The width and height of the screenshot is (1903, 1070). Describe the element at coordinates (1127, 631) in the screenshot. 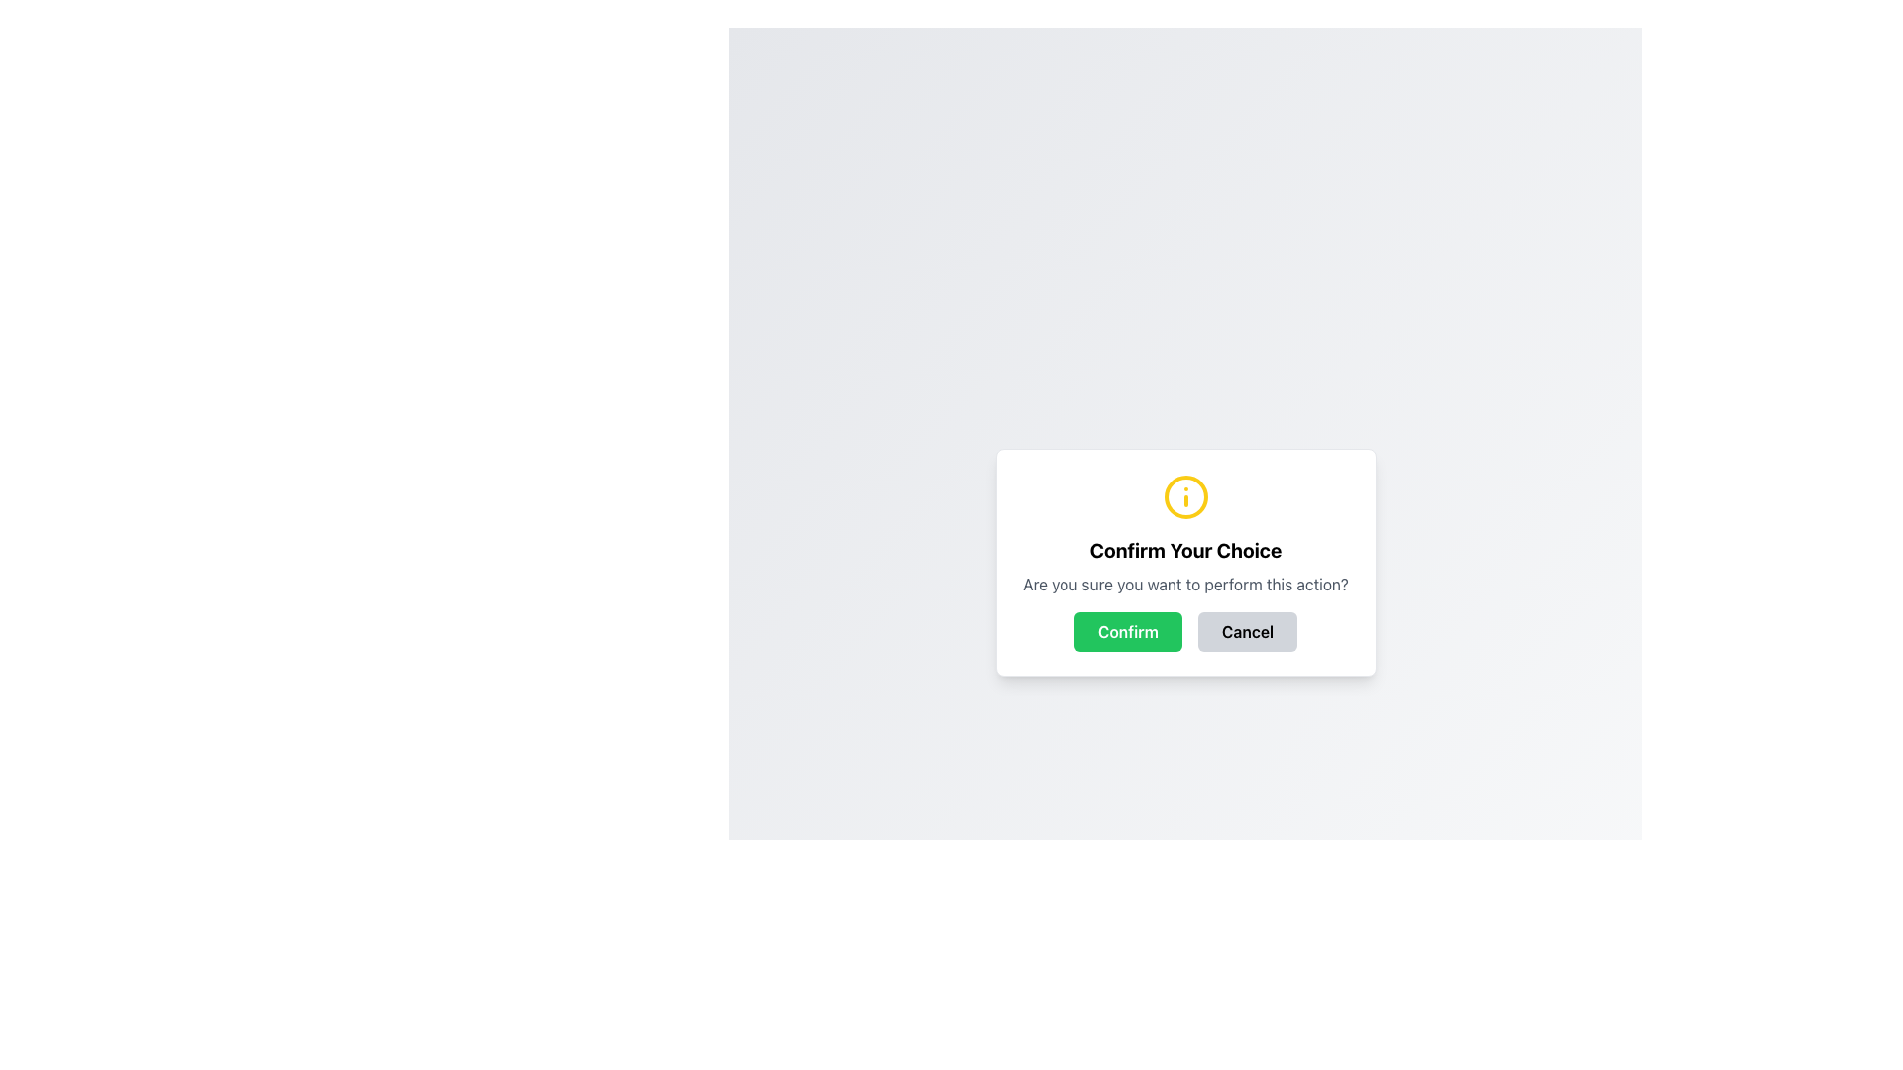

I see `the 'Confirm' button, which is a rectangular button with rounded corners, a green background, and white text, positioned to the left of the 'Cancel' button` at that location.